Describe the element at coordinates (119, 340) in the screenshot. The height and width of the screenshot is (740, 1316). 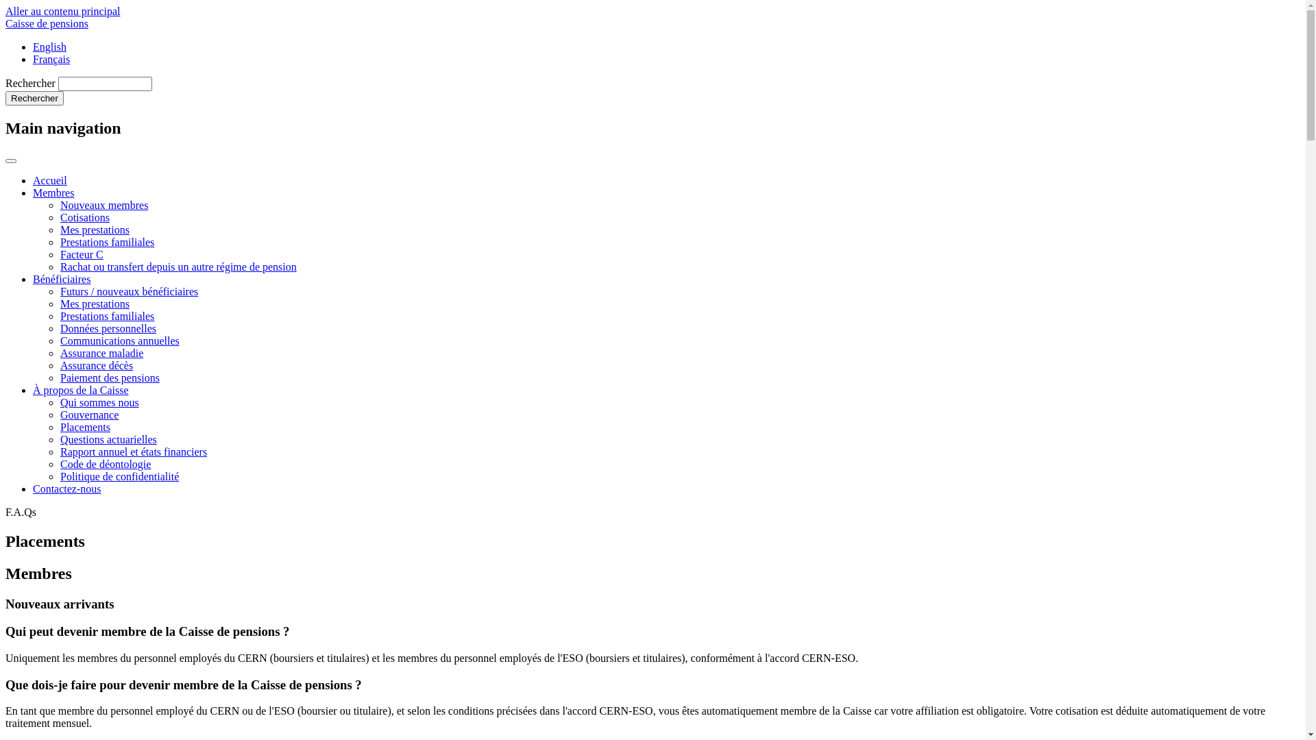
I see `'Communications annuelles'` at that location.